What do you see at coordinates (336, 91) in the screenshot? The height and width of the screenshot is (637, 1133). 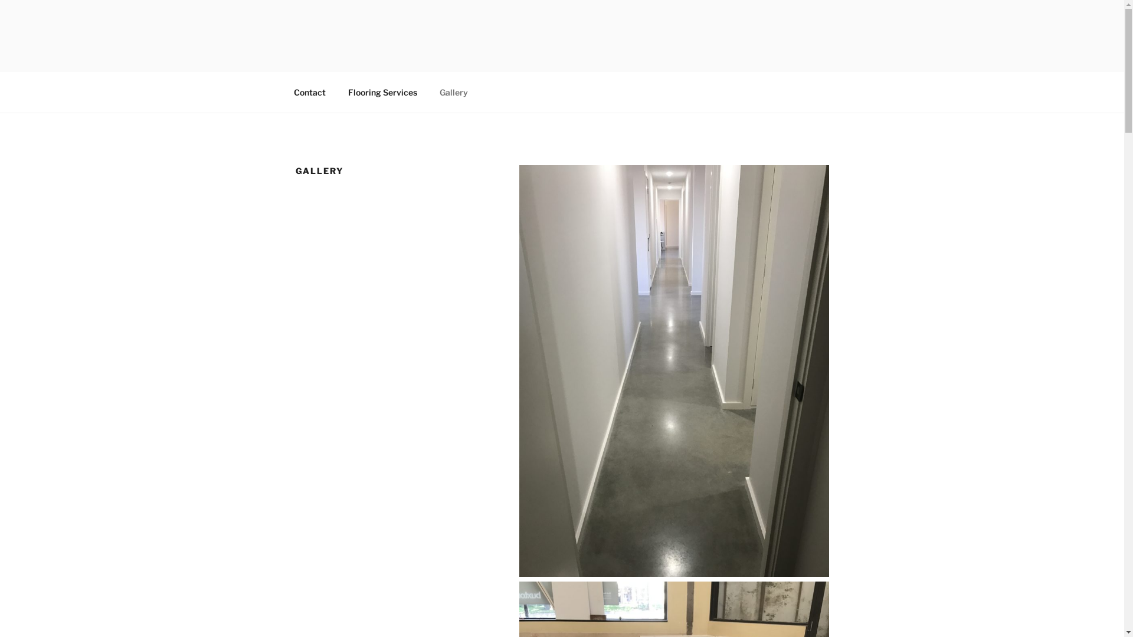 I see `'Flooring Services'` at bounding box center [336, 91].